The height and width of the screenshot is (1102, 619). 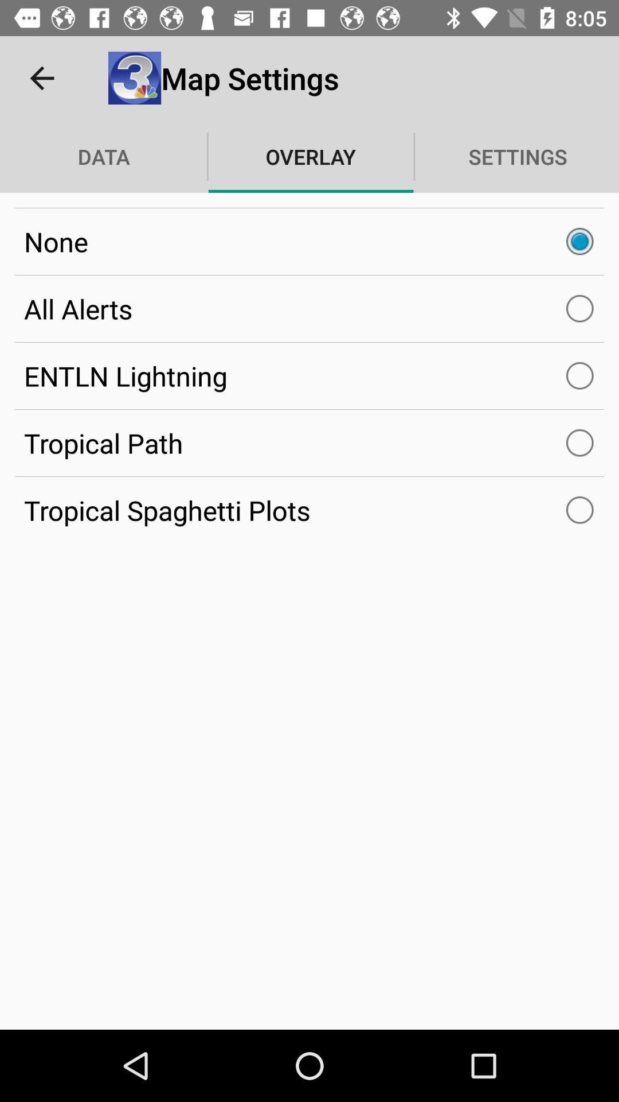 What do you see at coordinates (309, 241) in the screenshot?
I see `the none item` at bounding box center [309, 241].